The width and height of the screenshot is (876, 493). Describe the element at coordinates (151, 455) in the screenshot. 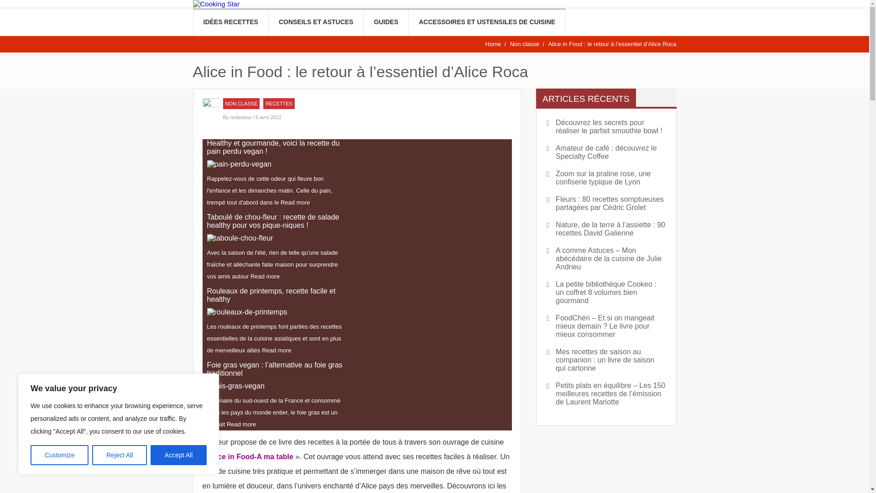

I see `'Accept All'` at that location.